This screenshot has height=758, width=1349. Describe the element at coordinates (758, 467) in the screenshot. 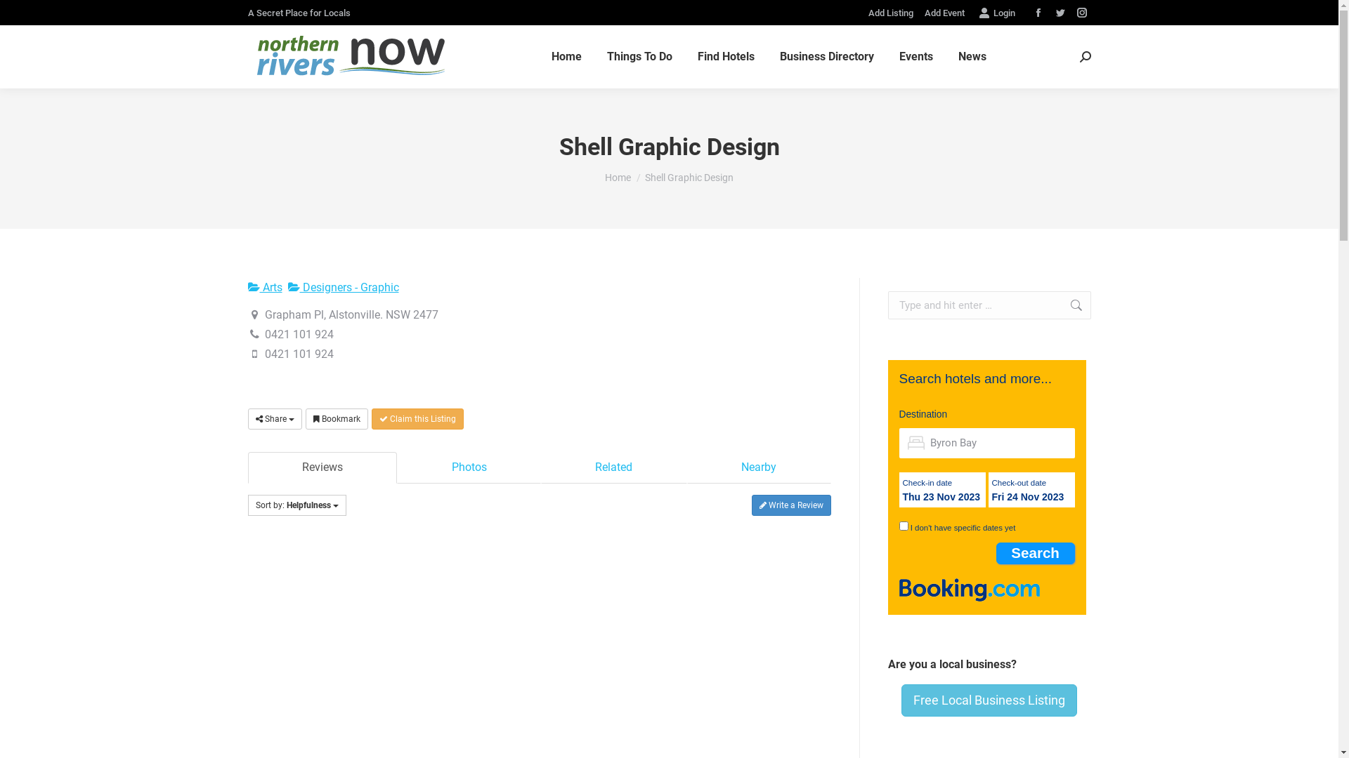

I see `'Nearby'` at that location.